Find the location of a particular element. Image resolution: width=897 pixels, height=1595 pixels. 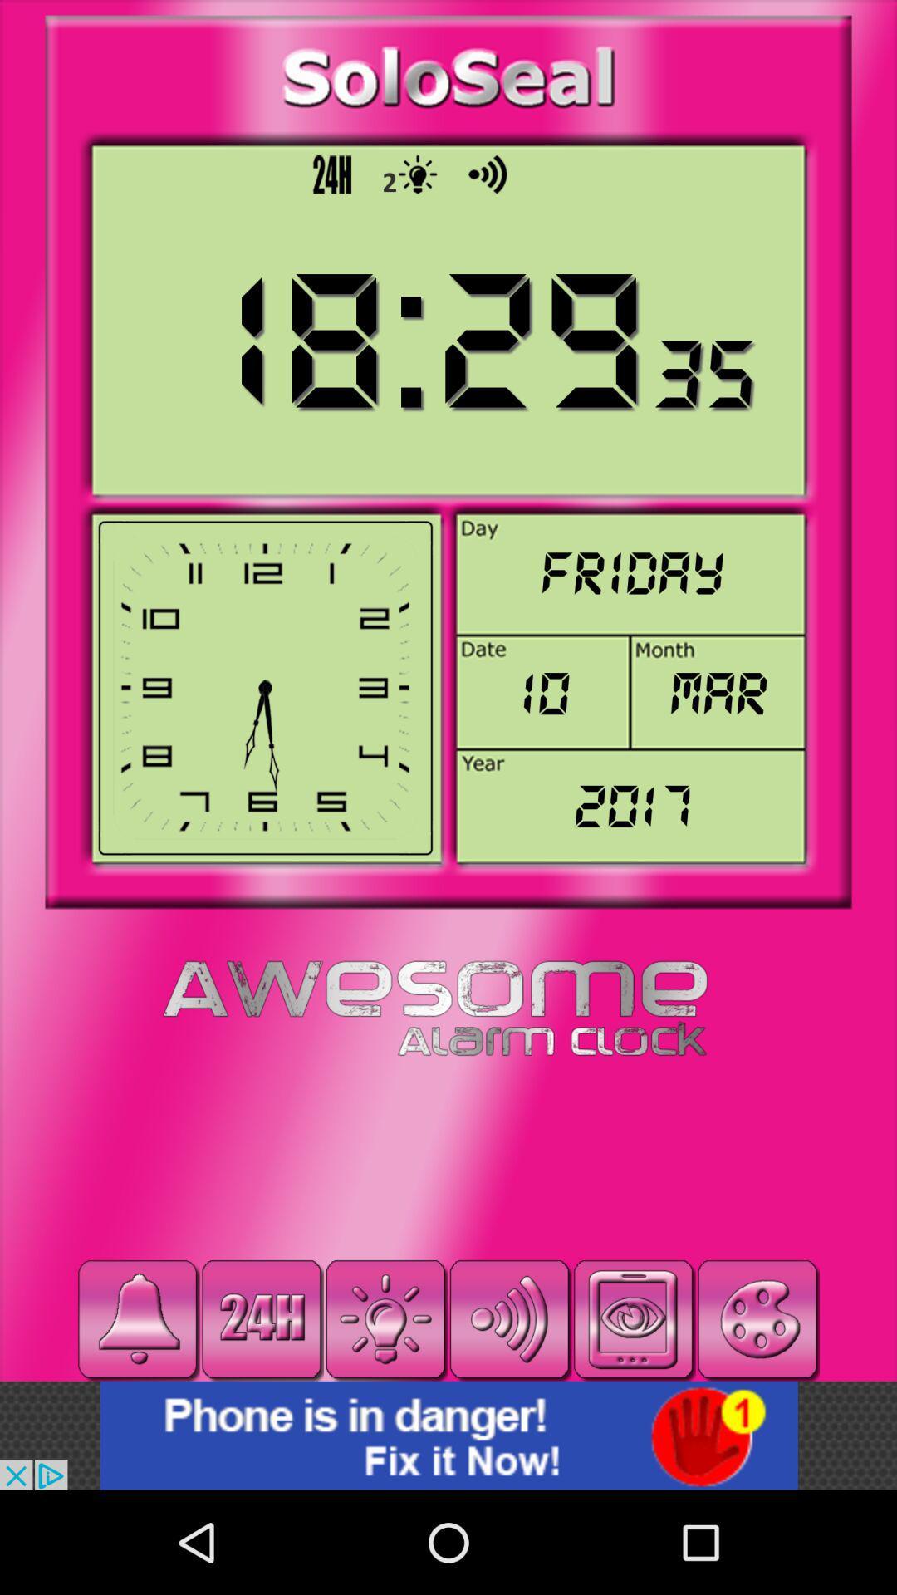

torch light on/off is located at coordinates (385, 1318).